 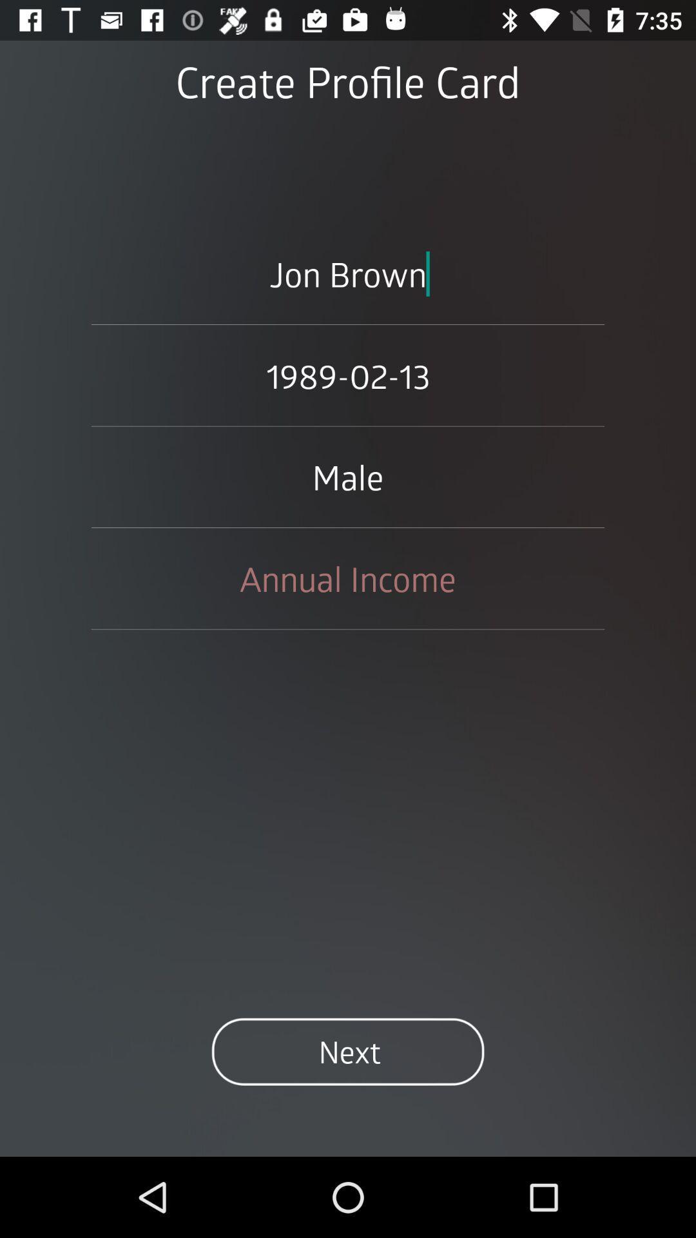 What do you see at coordinates (348, 578) in the screenshot?
I see `annual income` at bounding box center [348, 578].